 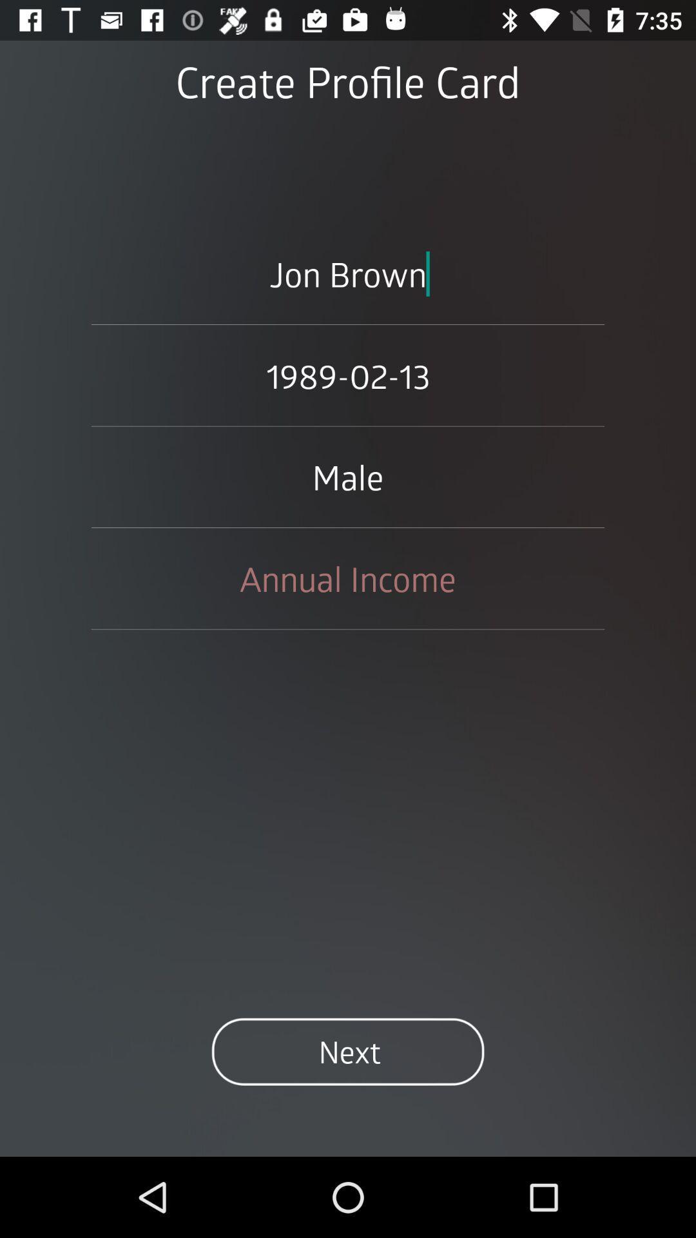 What do you see at coordinates (348, 578) in the screenshot?
I see `annual income` at bounding box center [348, 578].